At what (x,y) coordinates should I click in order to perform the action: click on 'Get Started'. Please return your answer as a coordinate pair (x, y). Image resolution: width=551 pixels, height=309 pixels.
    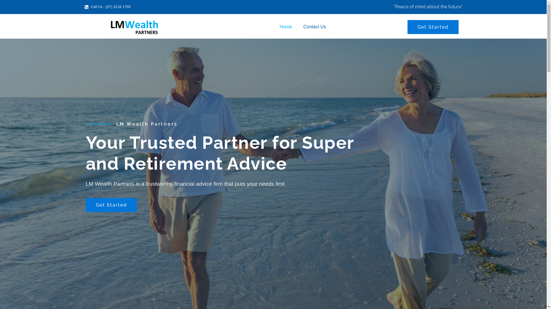
    Looking at the image, I should click on (111, 205).